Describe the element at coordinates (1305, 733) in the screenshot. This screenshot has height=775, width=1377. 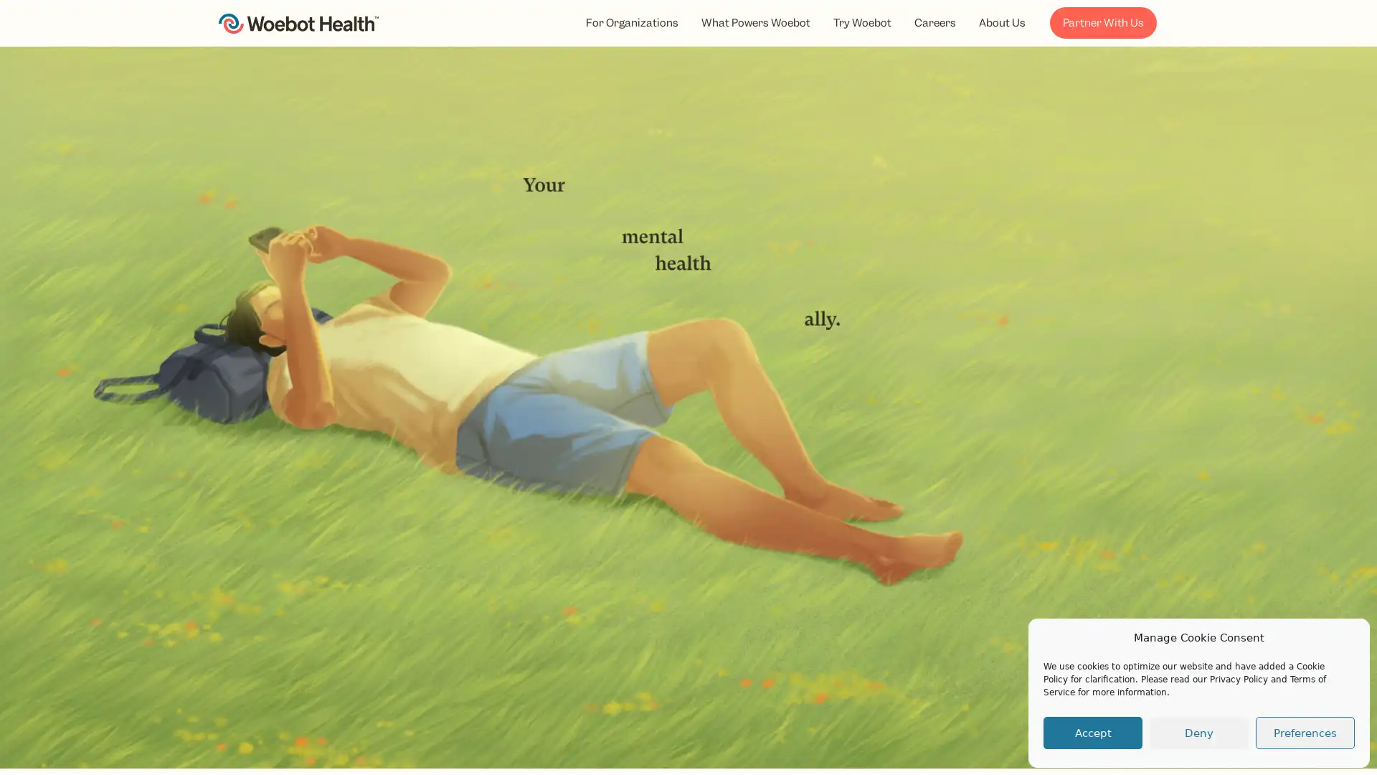
I see `Preferences` at that location.